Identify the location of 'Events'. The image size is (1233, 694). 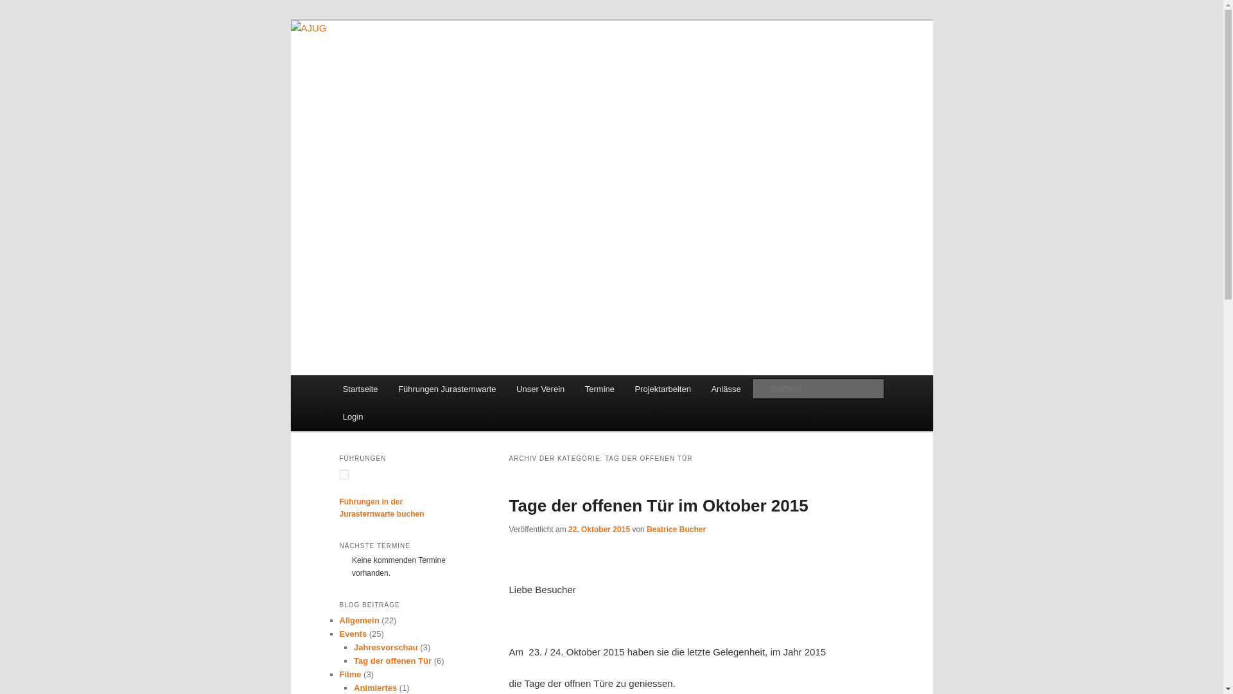
(353, 633).